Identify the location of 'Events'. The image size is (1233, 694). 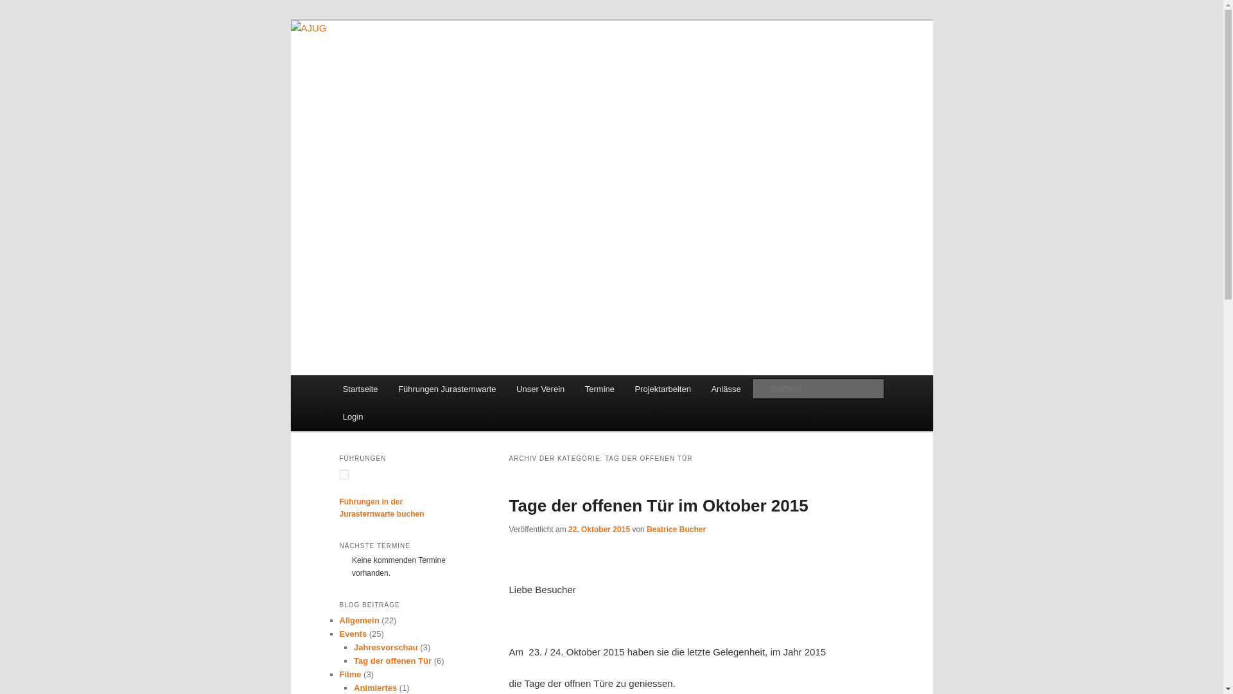
(353, 633).